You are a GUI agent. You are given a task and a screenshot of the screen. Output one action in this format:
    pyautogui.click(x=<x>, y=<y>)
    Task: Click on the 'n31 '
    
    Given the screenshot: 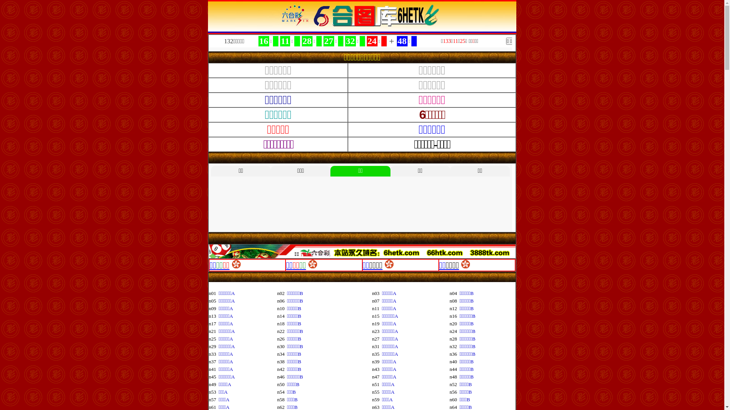 What is the action you would take?
    pyautogui.click(x=377, y=346)
    